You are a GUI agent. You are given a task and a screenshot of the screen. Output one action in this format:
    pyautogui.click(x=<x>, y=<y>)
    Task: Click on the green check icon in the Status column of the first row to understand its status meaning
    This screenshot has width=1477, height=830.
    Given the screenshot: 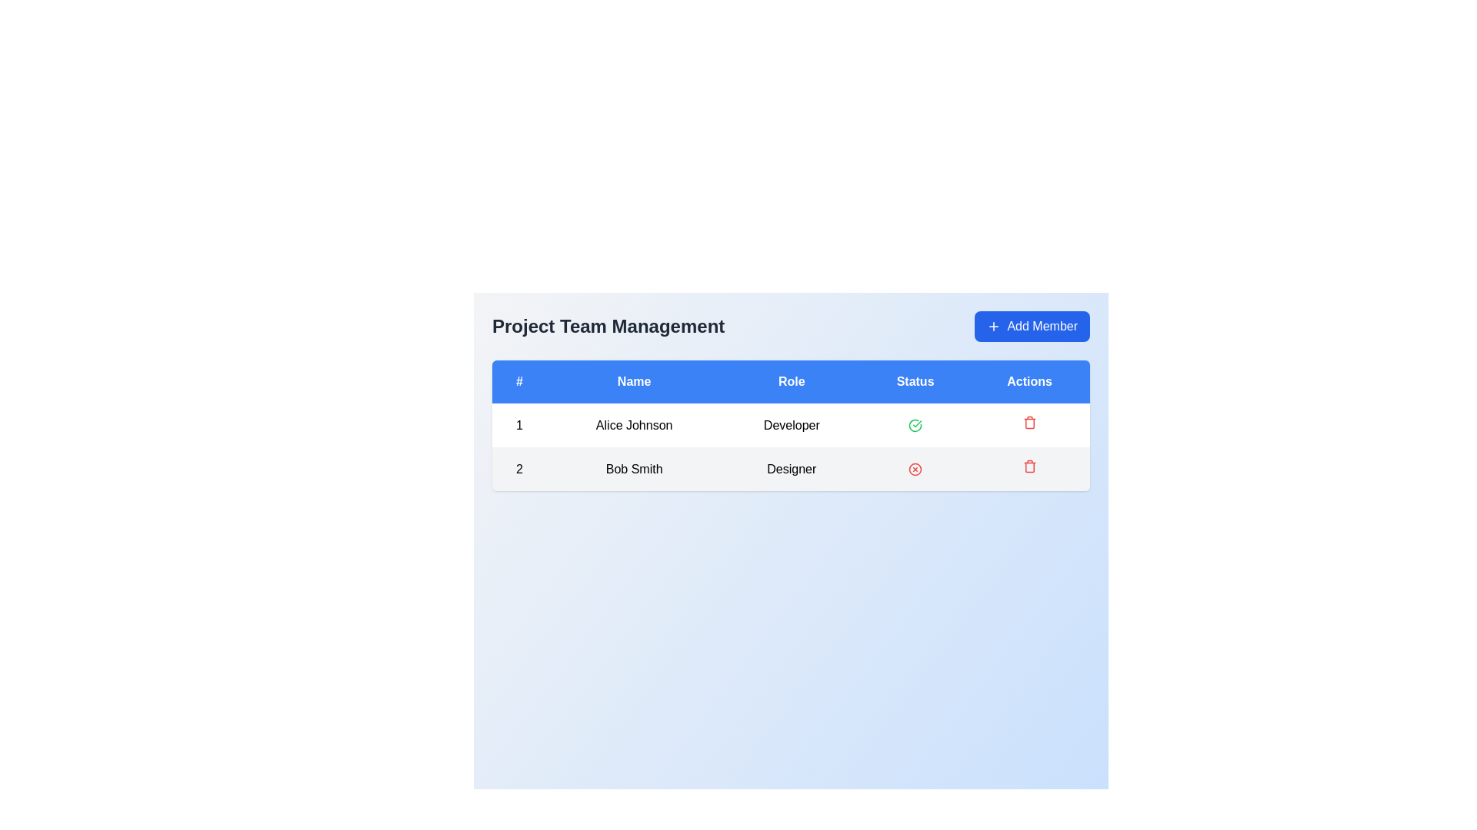 What is the action you would take?
    pyautogui.click(x=915, y=425)
    